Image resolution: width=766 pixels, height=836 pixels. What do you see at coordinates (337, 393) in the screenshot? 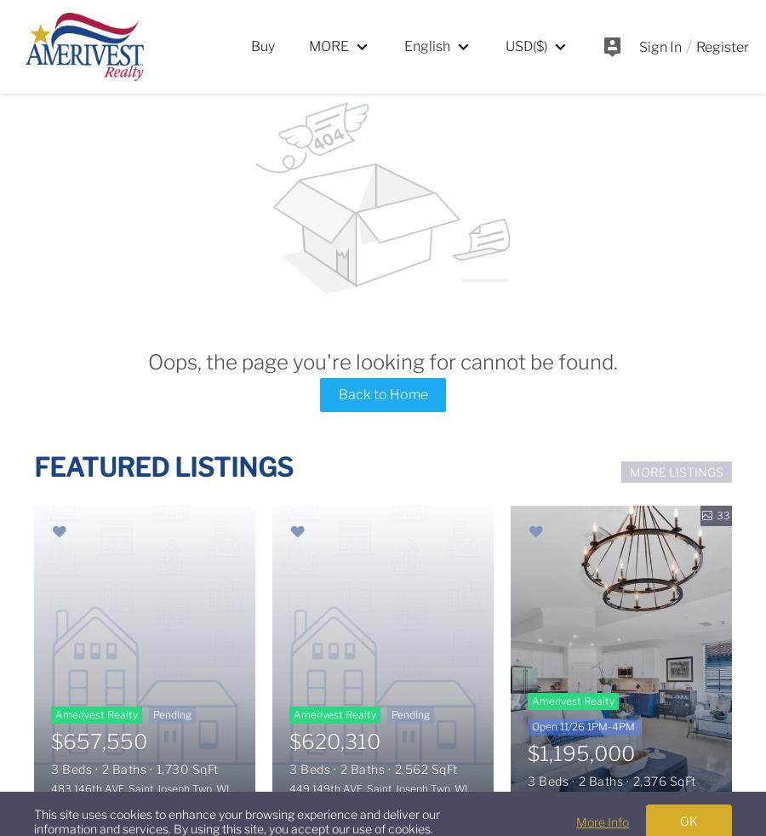
I see `'Back to Home'` at bounding box center [337, 393].